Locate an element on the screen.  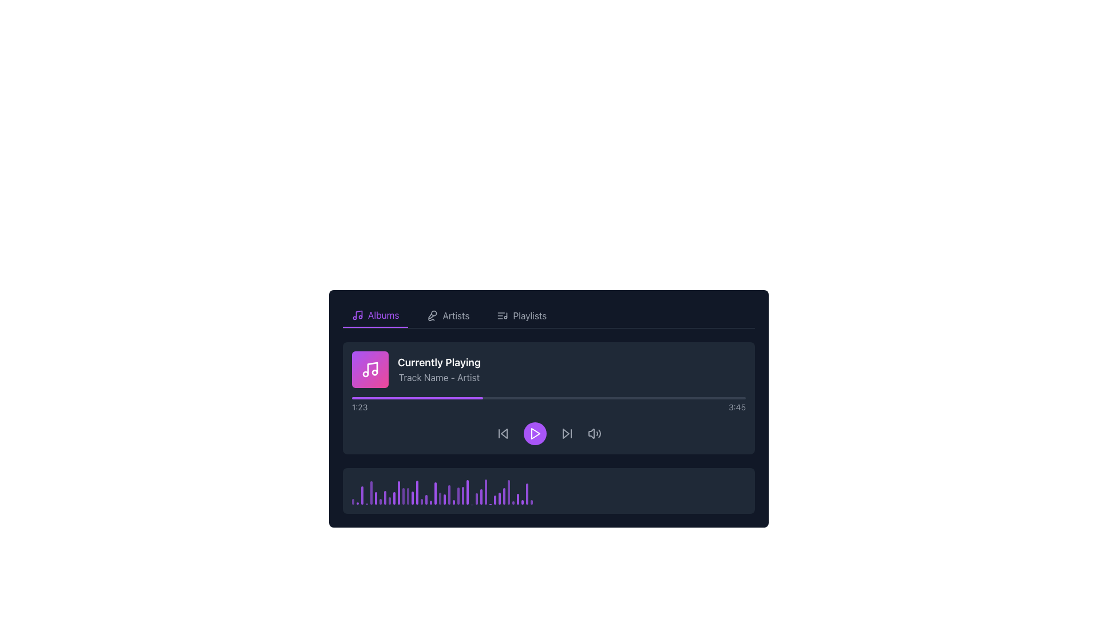
the playback position is located at coordinates (481, 397).